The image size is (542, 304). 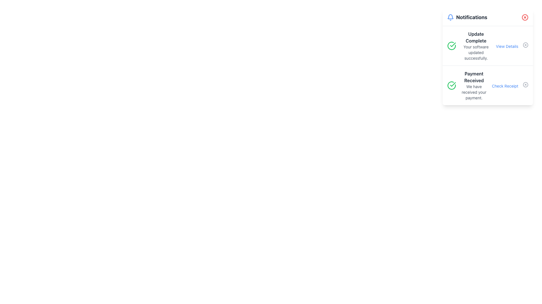 I want to click on the close button icon for the 'Payment Received' notification, which is positioned to the right of the text 'Check Receipt' in the Notifications panel, so click(x=525, y=84).